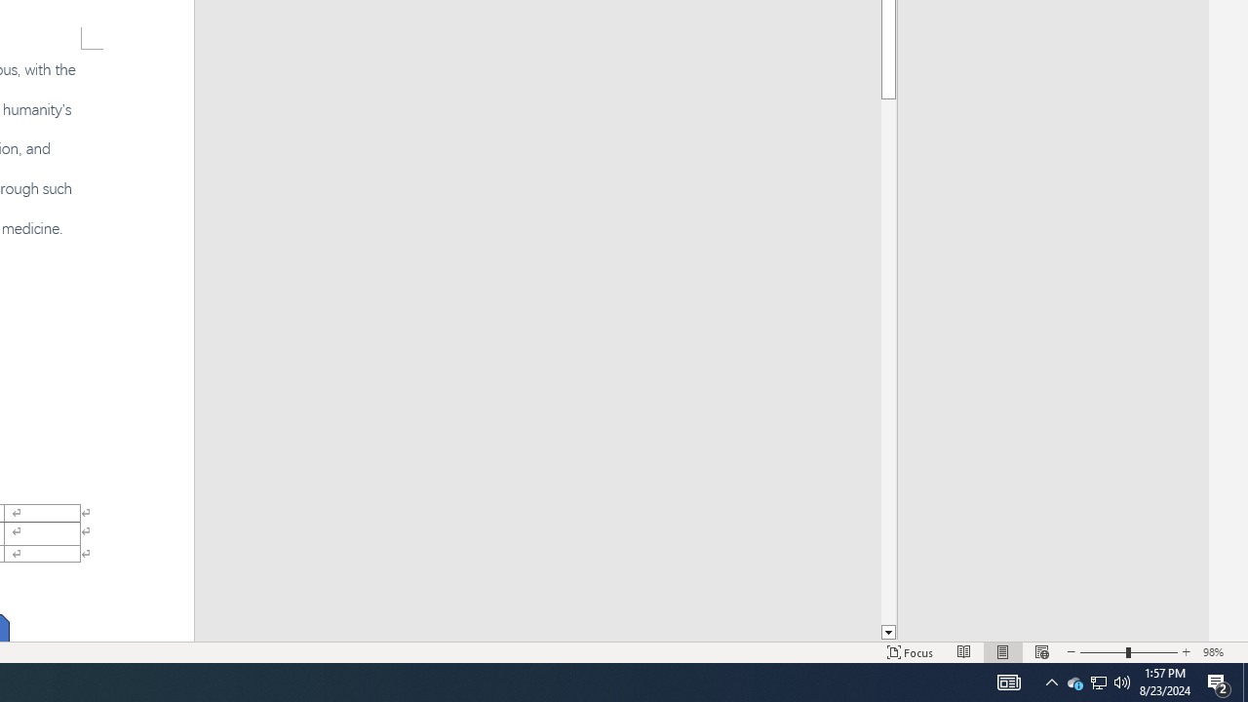  I want to click on 'Focus ', so click(910, 652).